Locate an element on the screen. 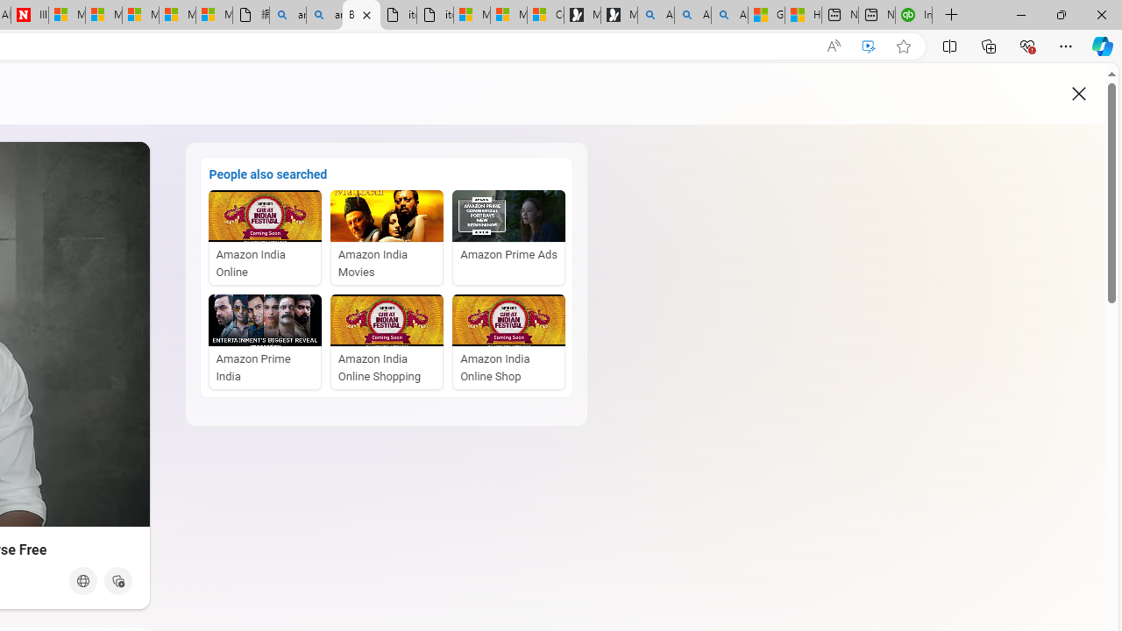 Image resolution: width=1122 pixels, height=631 pixels. 'Intuit QuickBooks Online - Quickbooks' is located at coordinates (913, 15).